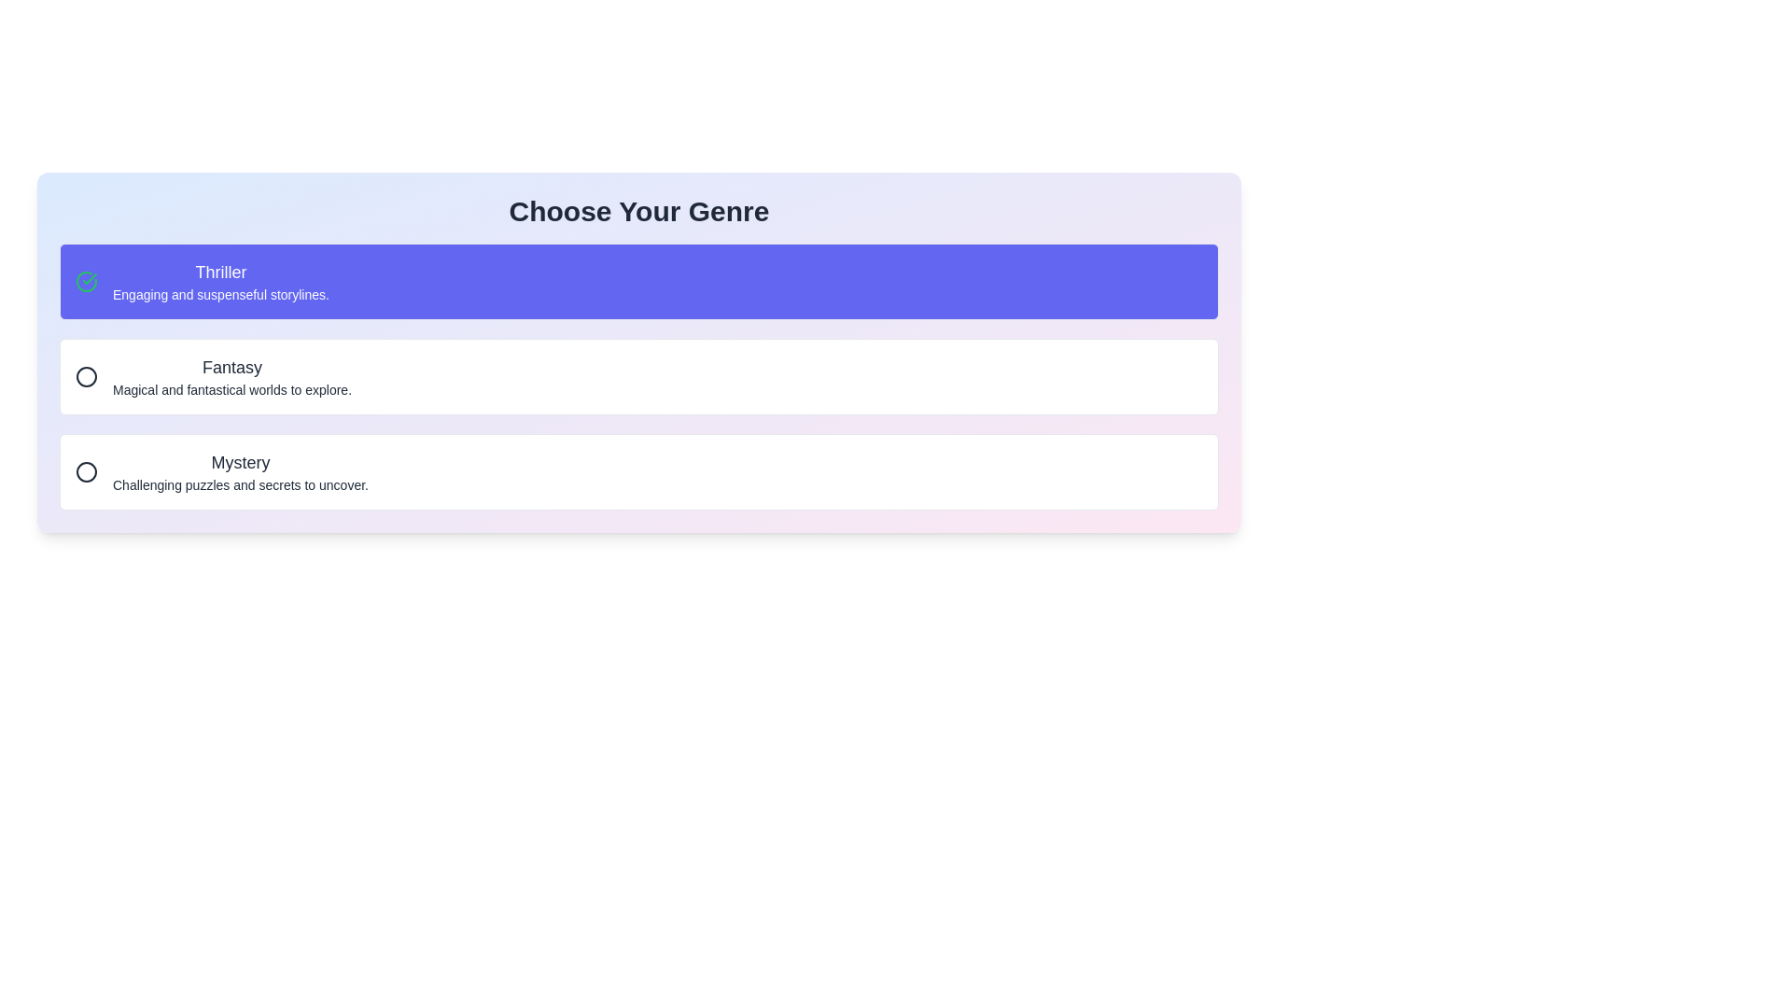 This screenshot has height=1008, width=1792. I want to click on the 'Fantasy' genre option in the genre selection menu, so click(231, 377).